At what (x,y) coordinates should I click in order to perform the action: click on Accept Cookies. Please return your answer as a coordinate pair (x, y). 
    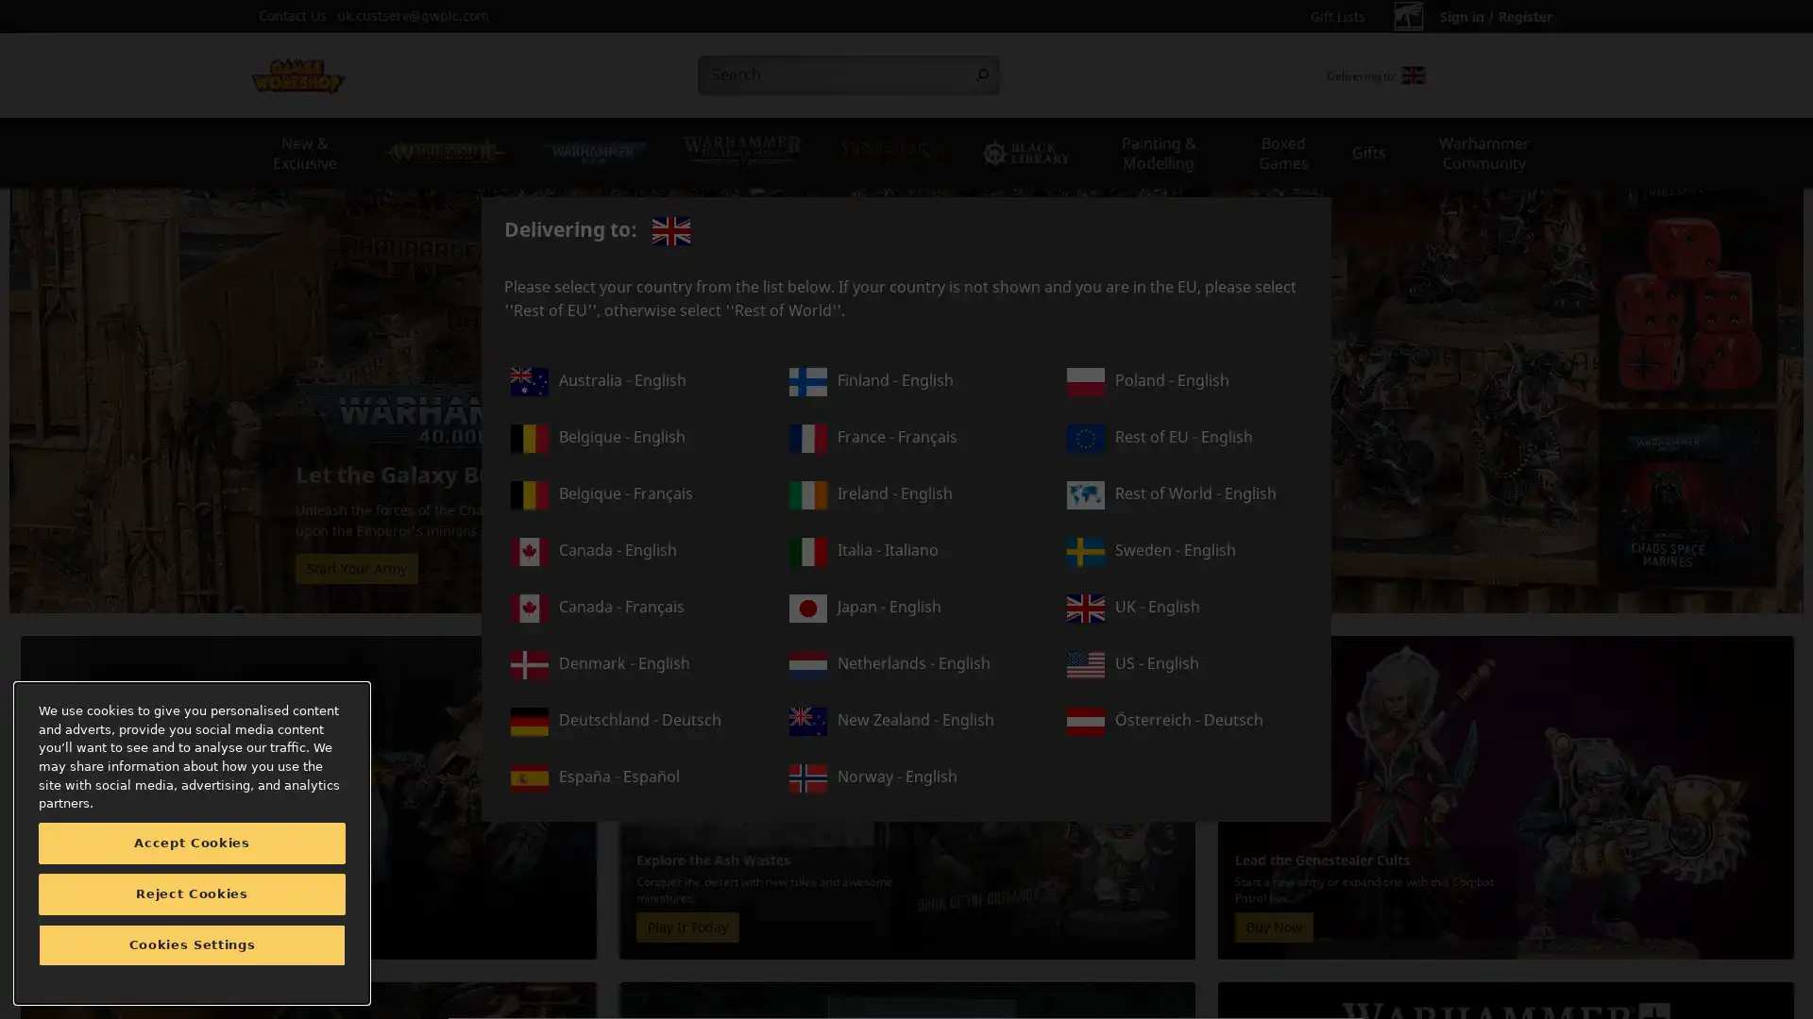
    Looking at the image, I should click on (192, 843).